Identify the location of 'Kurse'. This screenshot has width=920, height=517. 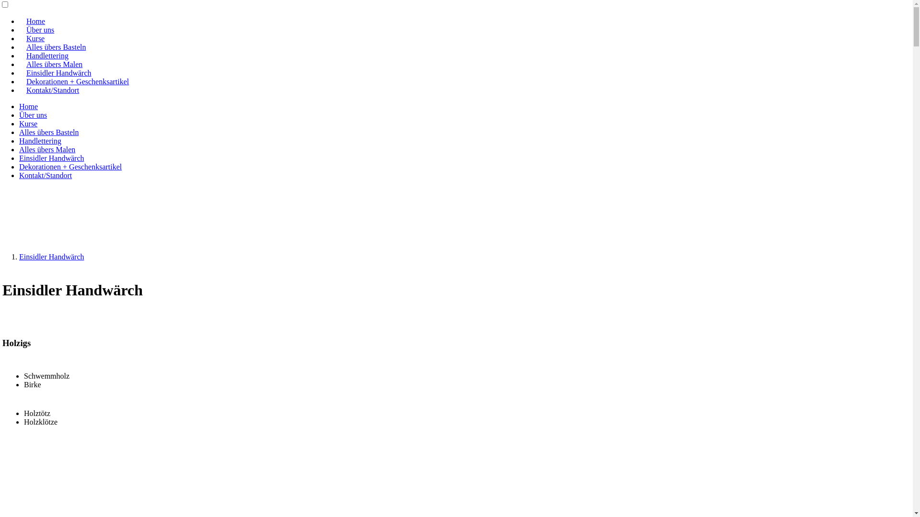
(19, 38).